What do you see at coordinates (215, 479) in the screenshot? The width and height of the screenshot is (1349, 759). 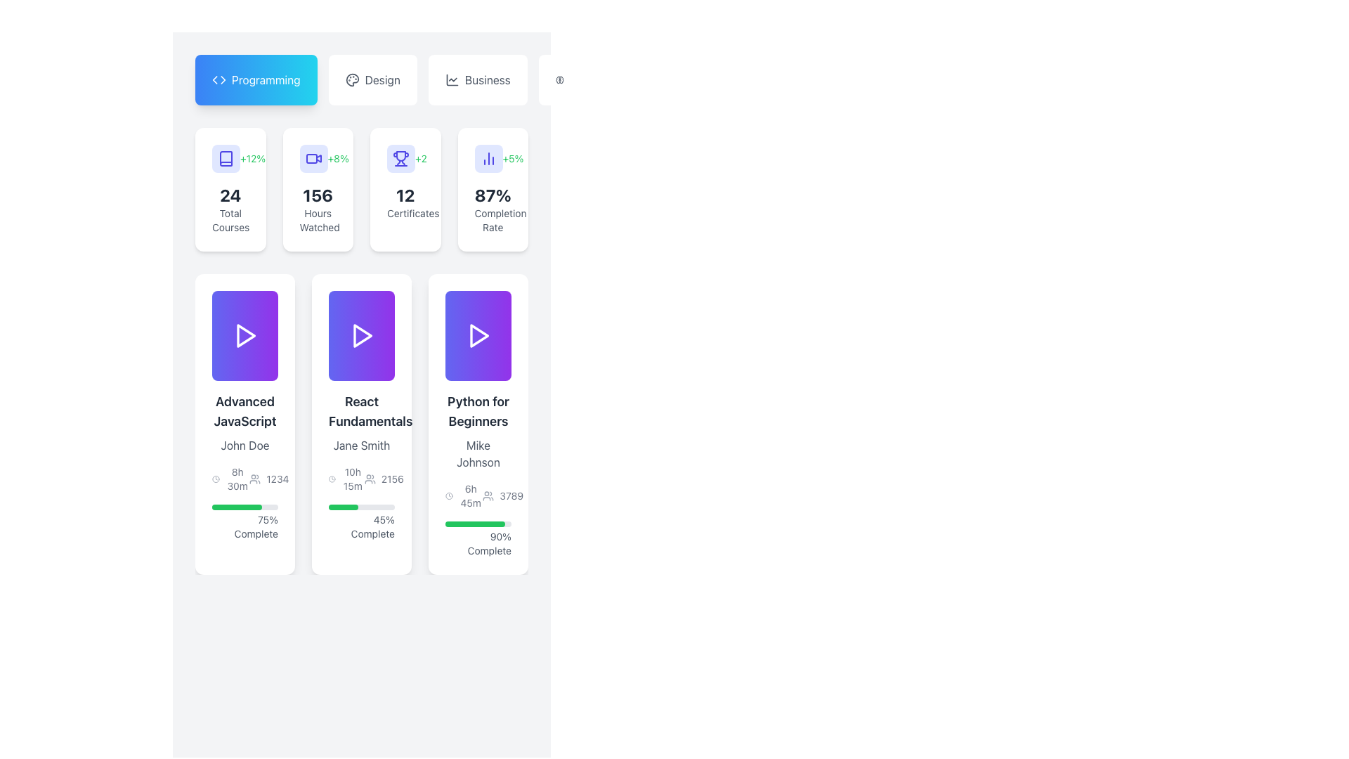 I see `properties of the time-related indication icon located in the lower portion of the first card that displays course information, which is the leftmost icon adjacent to the text '8h 30m'` at bounding box center [215, 479].